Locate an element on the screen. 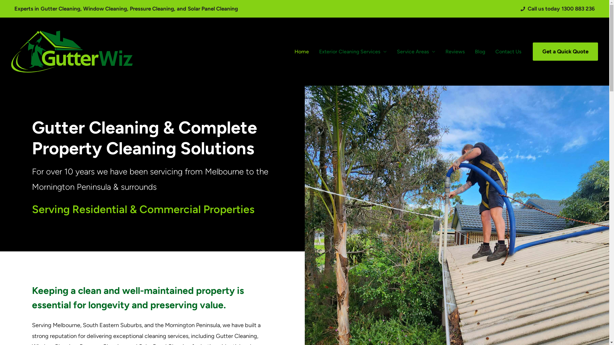  'Reviews' is located at coordinates (454, 51).